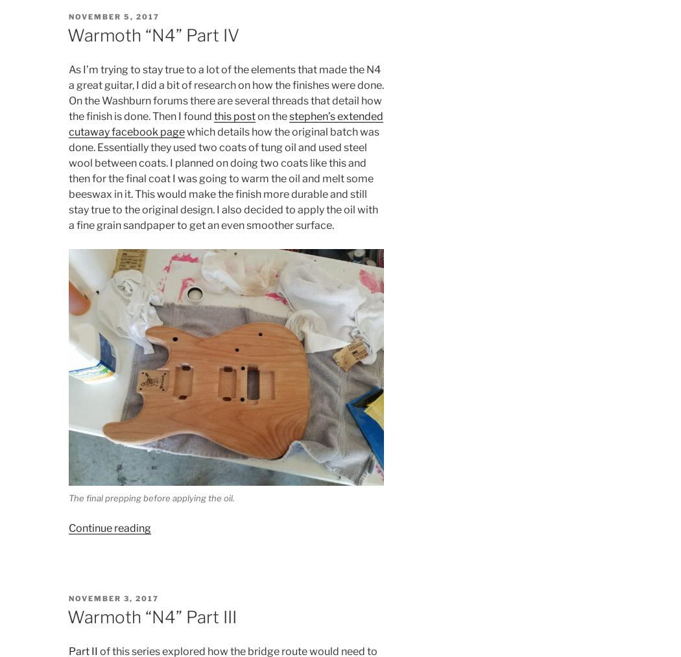 The image size is (681, 657). Describe the element at coordinates (68, 598) in the screenshot. I see `'November 3, 2017'` at that location.